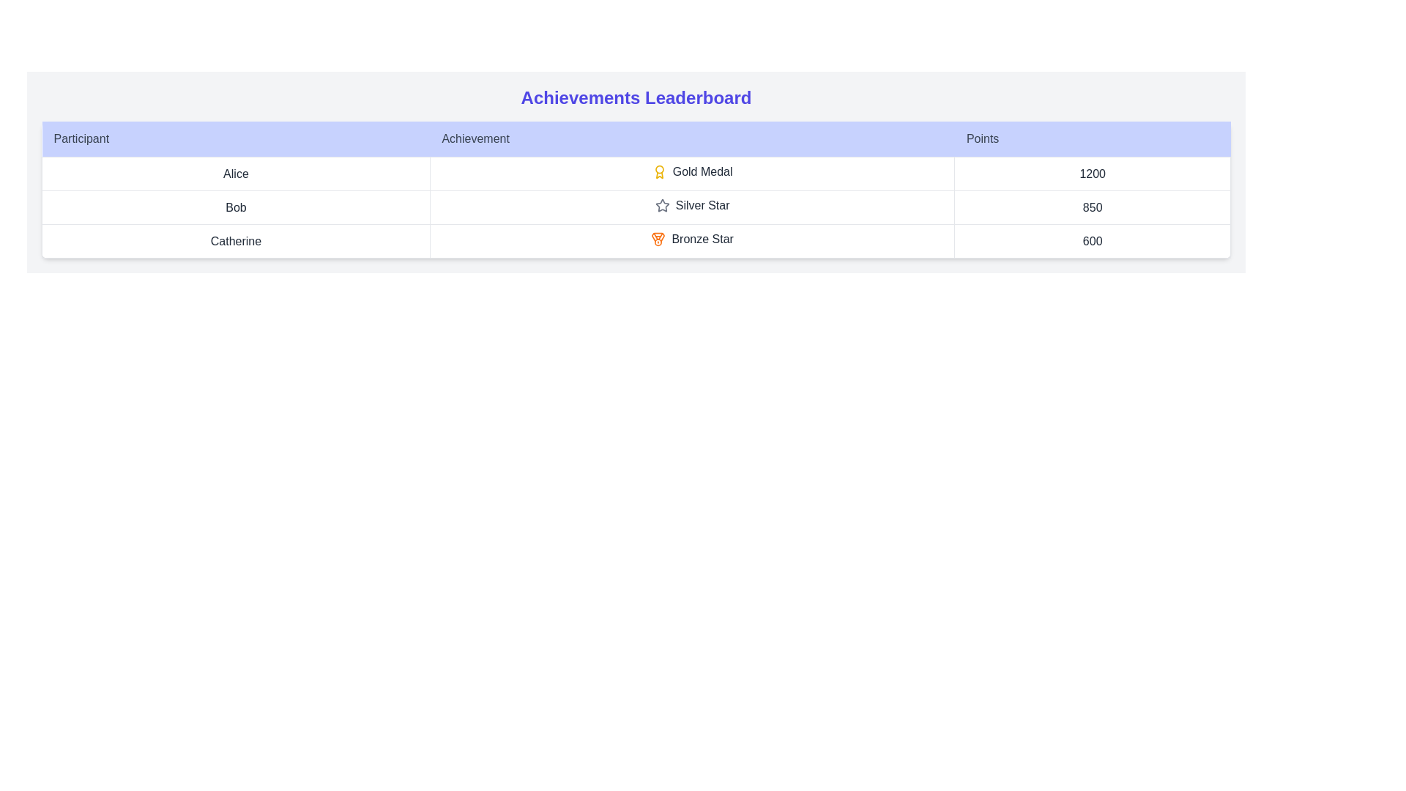 This screenshot has width=1406, height=791. What do you see at coordinates (691, 206) in the screenshot?
I see `the 'Silver Star' award icon located in the second row under the 'Achievement' column of the leaderboard` at bounding box center [691, 206].